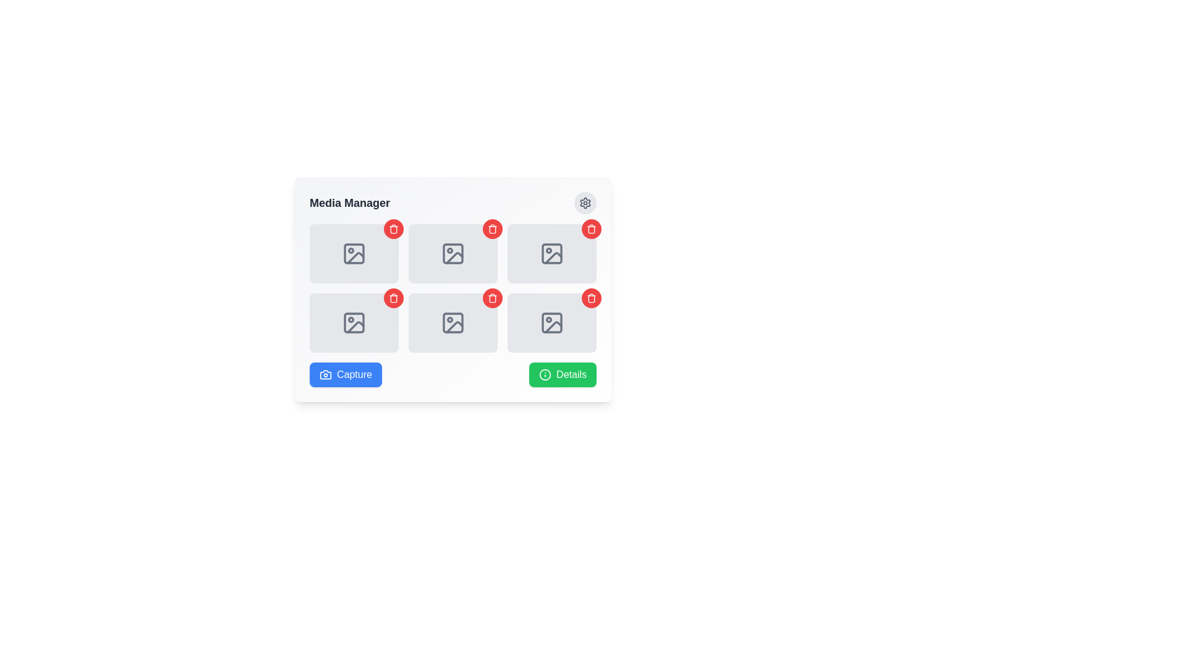 Image resolution: width=1187 pixels, height=667 pixels. I want to click on the trash/delete button located at the top right corner of the last media card in the grid, so click(590, 229).